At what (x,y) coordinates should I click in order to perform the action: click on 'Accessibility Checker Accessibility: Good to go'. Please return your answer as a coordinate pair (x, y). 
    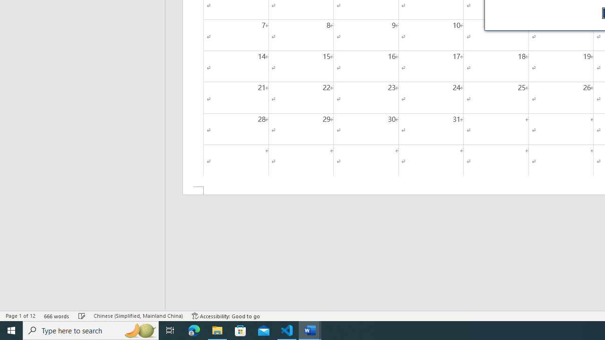
    Looking at the image, I should click on (225, 316).